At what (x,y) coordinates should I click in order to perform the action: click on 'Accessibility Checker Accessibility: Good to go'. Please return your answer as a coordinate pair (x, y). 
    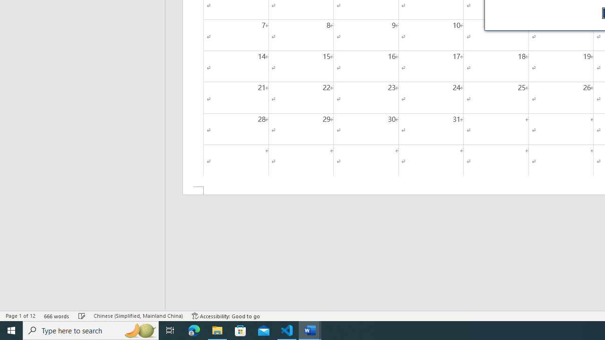
    Looking at the image, I should click on (225, 316).